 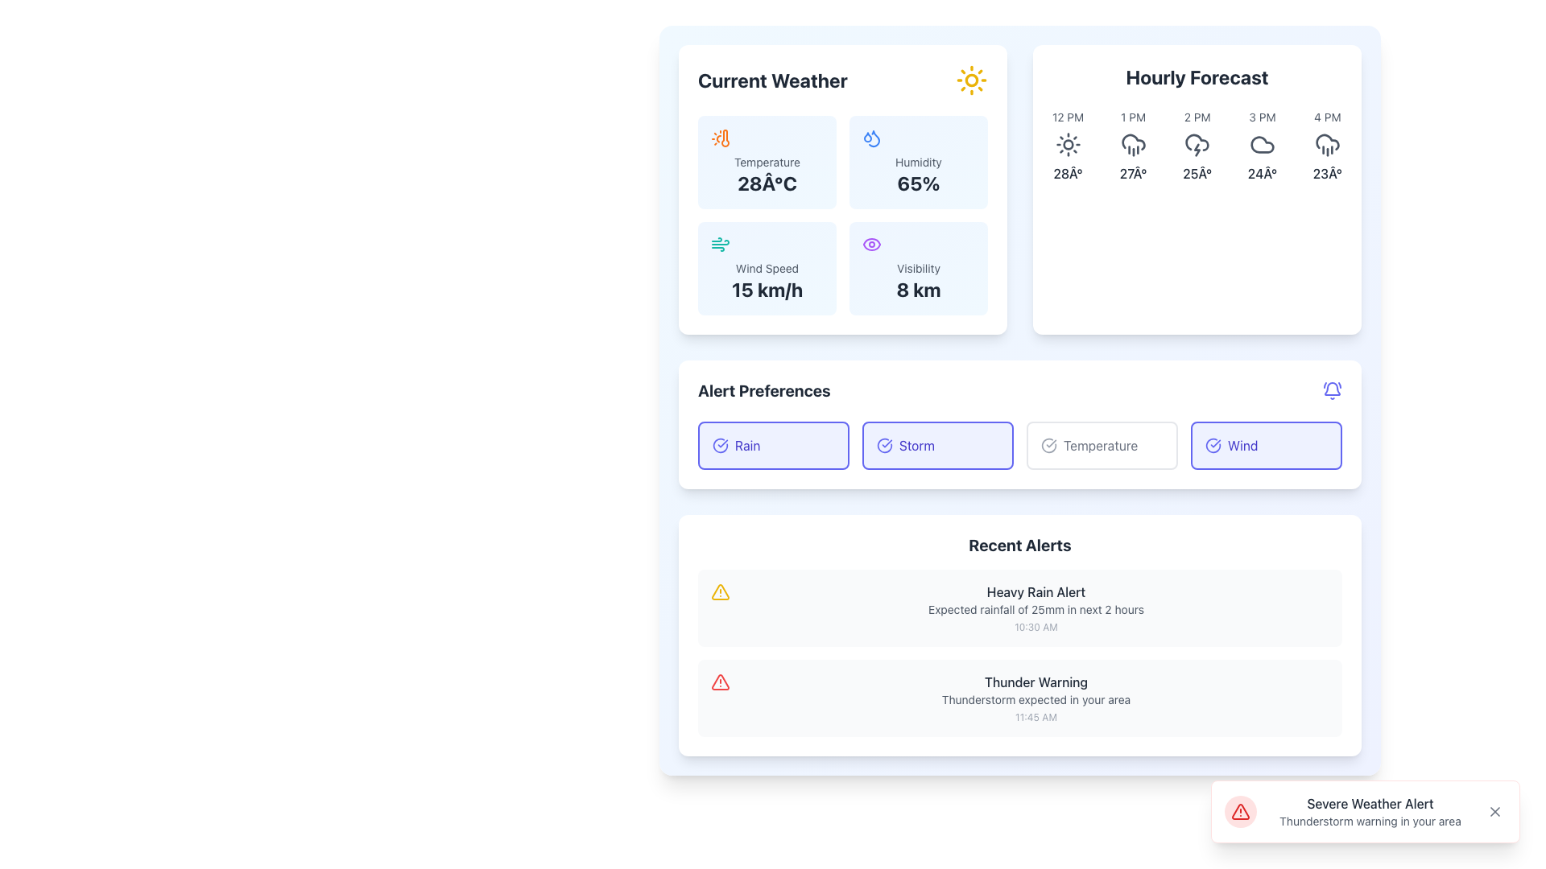 What do you see at coordinates (773, 446) in the screenshot?
I see `the 'Rain' Toggle Option, which is the first selection` at bounding box center [773, 446].